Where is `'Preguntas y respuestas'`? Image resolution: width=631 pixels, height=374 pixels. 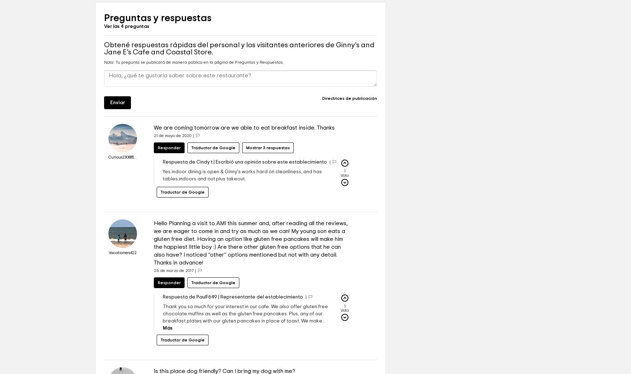
'Preguntas y respuestas' is located at coordinates (158, 39).